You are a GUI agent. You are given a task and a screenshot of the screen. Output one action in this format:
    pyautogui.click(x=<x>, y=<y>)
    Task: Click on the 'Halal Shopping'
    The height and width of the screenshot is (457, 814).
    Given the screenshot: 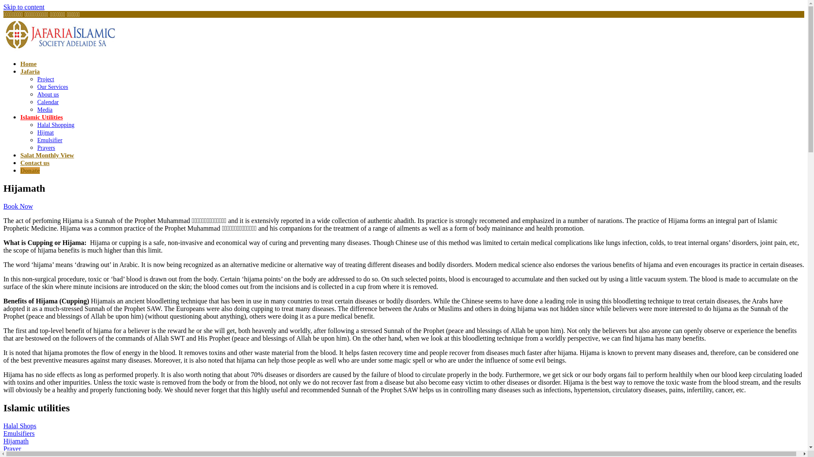 What is the action you would take?
    pyautogui.click(x=55, y=125)
    